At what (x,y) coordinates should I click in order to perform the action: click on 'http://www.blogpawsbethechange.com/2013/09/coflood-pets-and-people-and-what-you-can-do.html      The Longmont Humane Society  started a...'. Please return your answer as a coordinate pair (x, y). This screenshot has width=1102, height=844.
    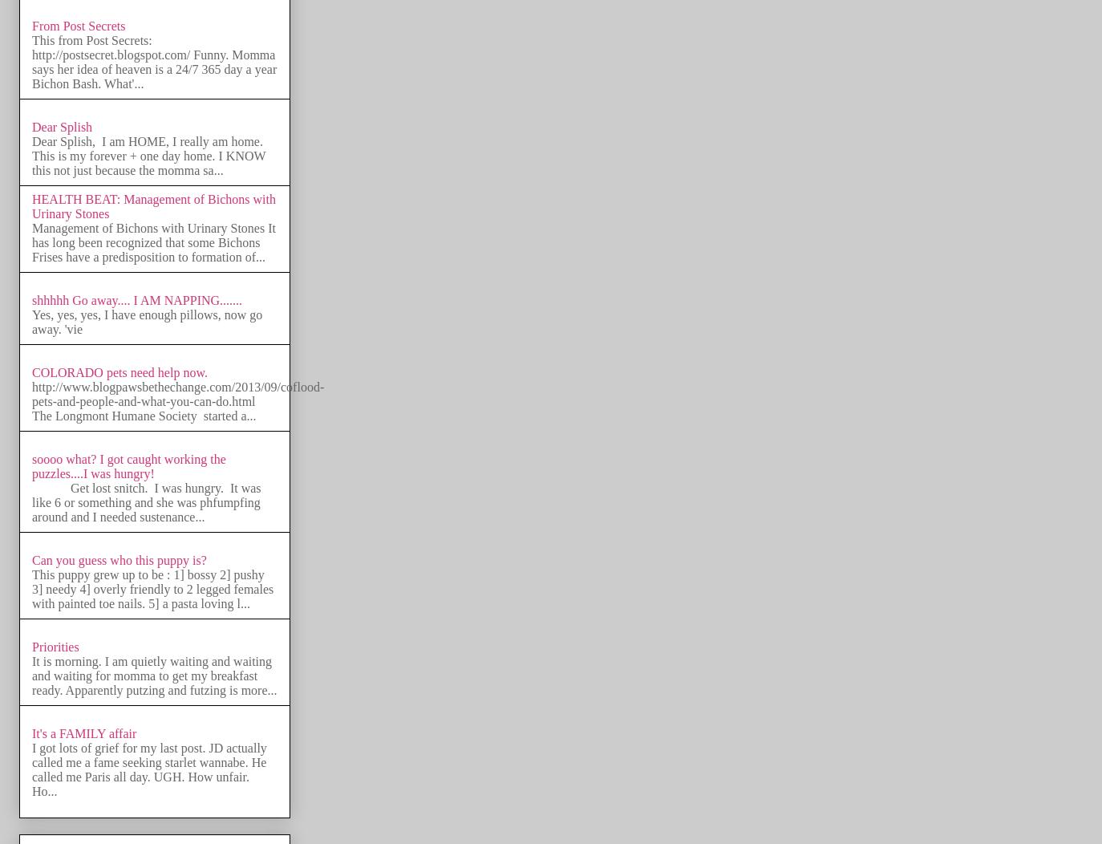
    Looking at the image, I should click on (177, 400).